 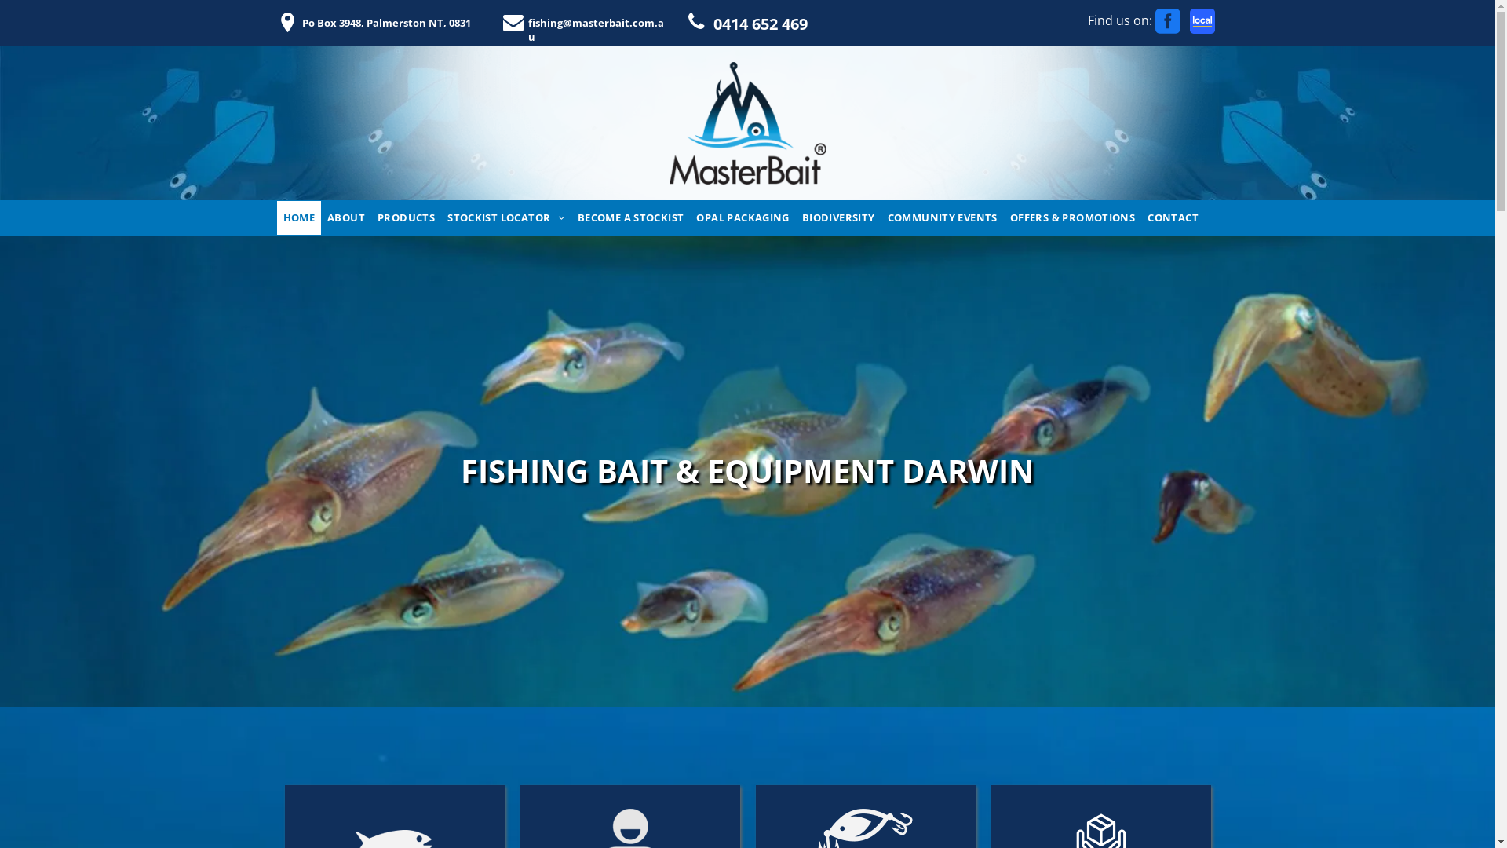 What do you see at coordinates (589, 23) in the screenshot?
I see `'fishing@masterbait.com.au'` at bounding box center [589, 23].